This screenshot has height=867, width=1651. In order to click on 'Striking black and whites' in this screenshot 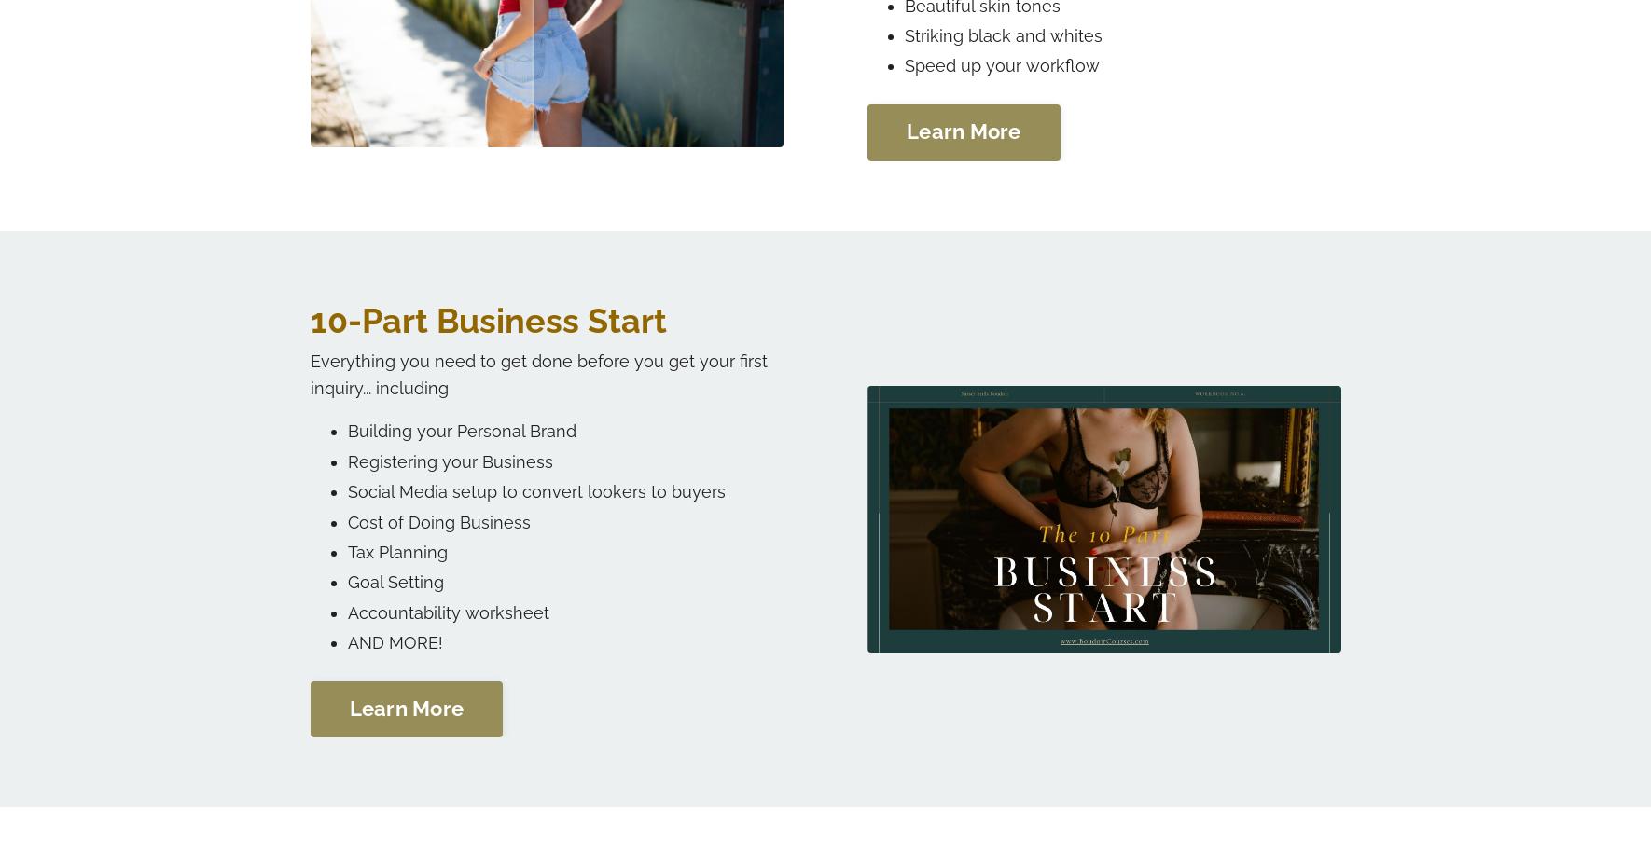, I will do `click(1003, 34)`.